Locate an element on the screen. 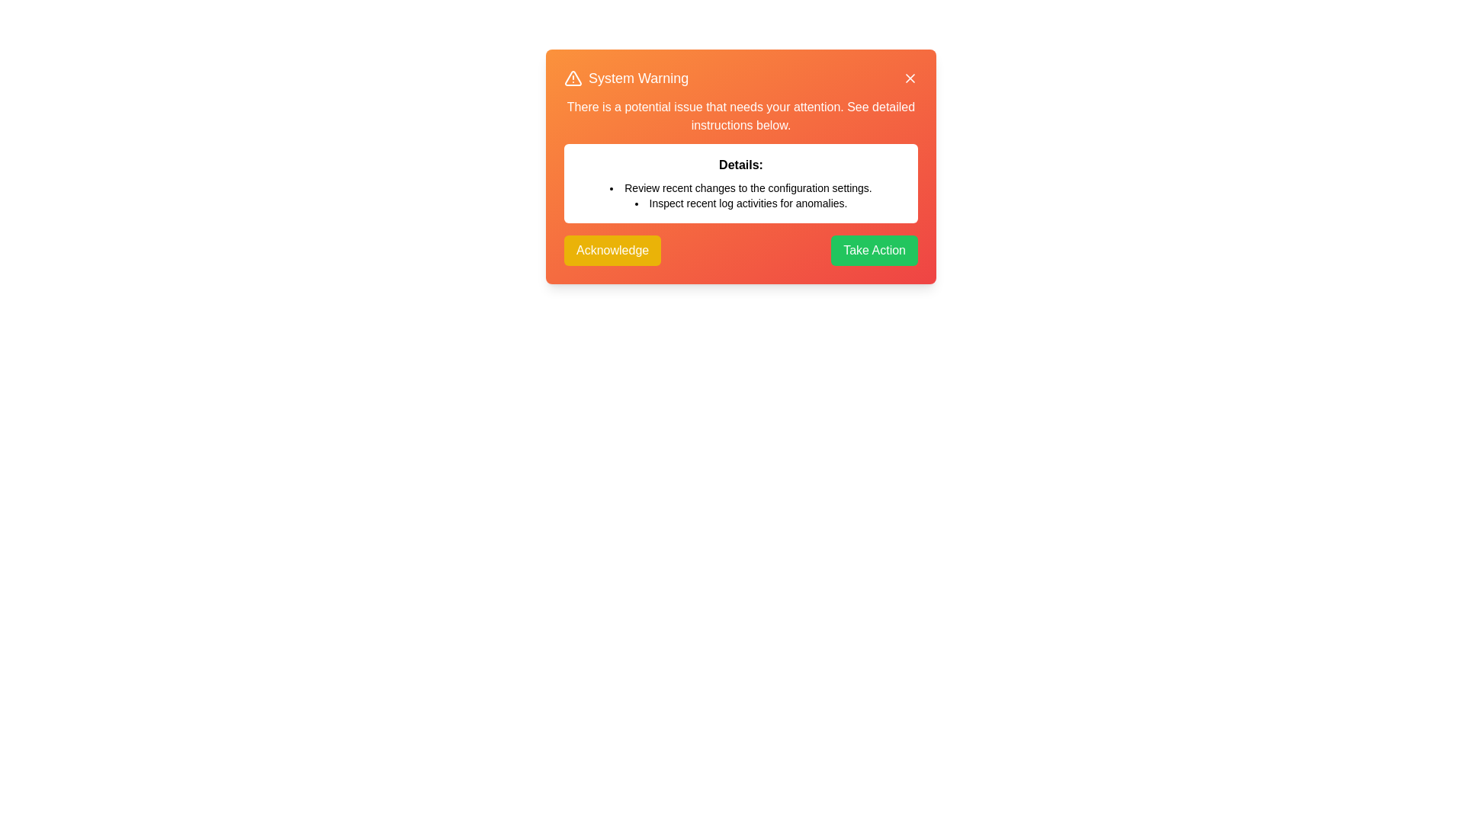 The height and width of the screenshot is (823, 1464). the second static text list item that instructs the user is located at coordinates (740, 202).